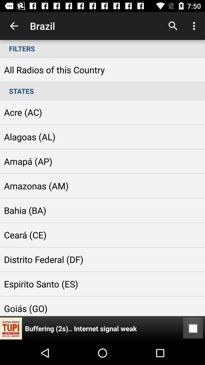 The width and height of the screenshot is (205, 365). What do you see at coordinates (173, 26) in the screenshot?
I see `the icon next to brazil app` at bounding box center [173, 26].